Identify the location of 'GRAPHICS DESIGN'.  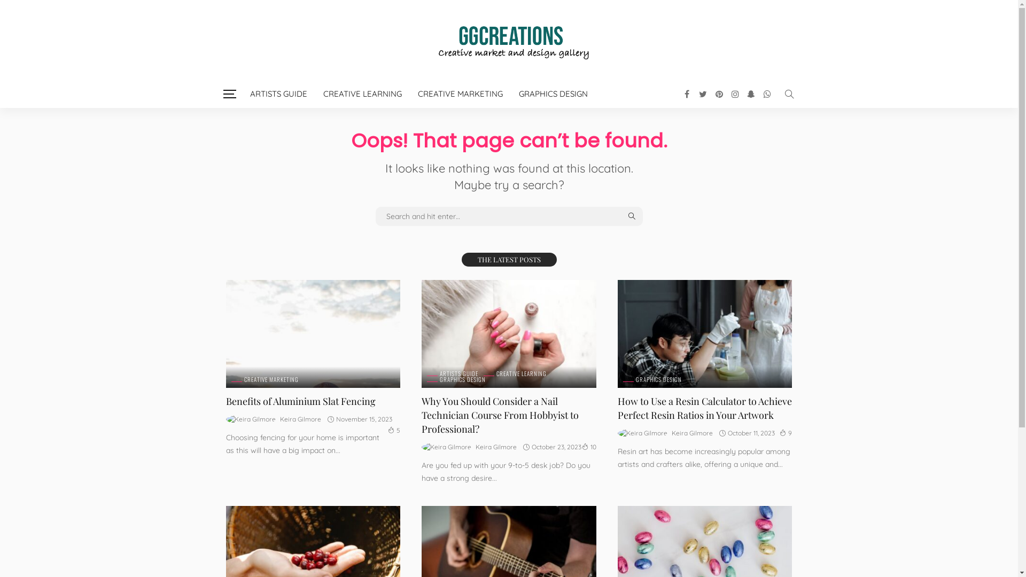
(456, 379).